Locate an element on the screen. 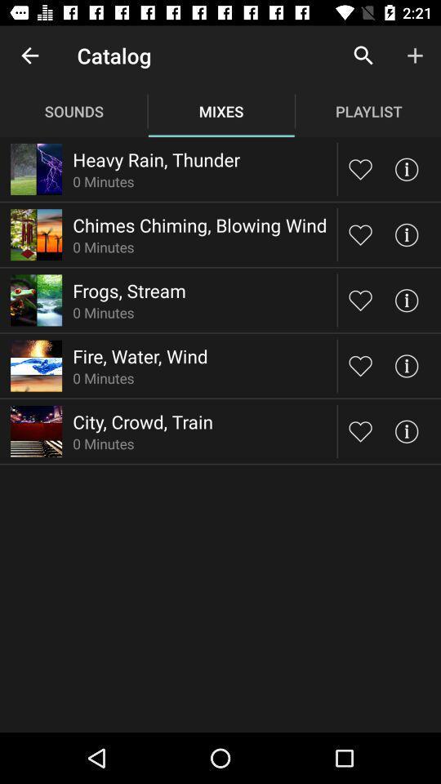  click the tick is located at coordinates (405, 430).